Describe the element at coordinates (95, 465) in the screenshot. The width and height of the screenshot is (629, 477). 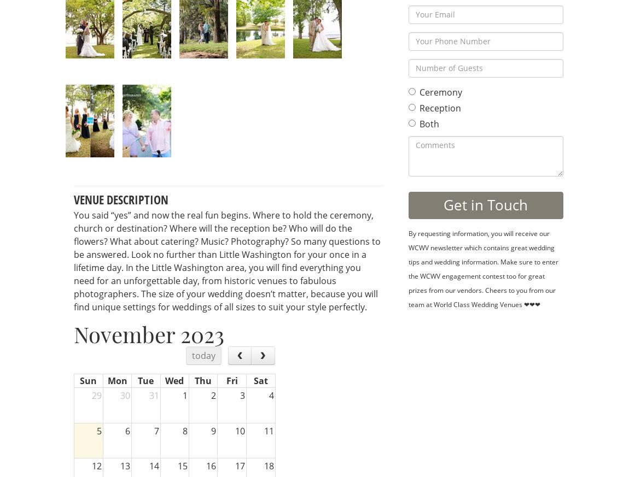
I see `'12'` at that location.